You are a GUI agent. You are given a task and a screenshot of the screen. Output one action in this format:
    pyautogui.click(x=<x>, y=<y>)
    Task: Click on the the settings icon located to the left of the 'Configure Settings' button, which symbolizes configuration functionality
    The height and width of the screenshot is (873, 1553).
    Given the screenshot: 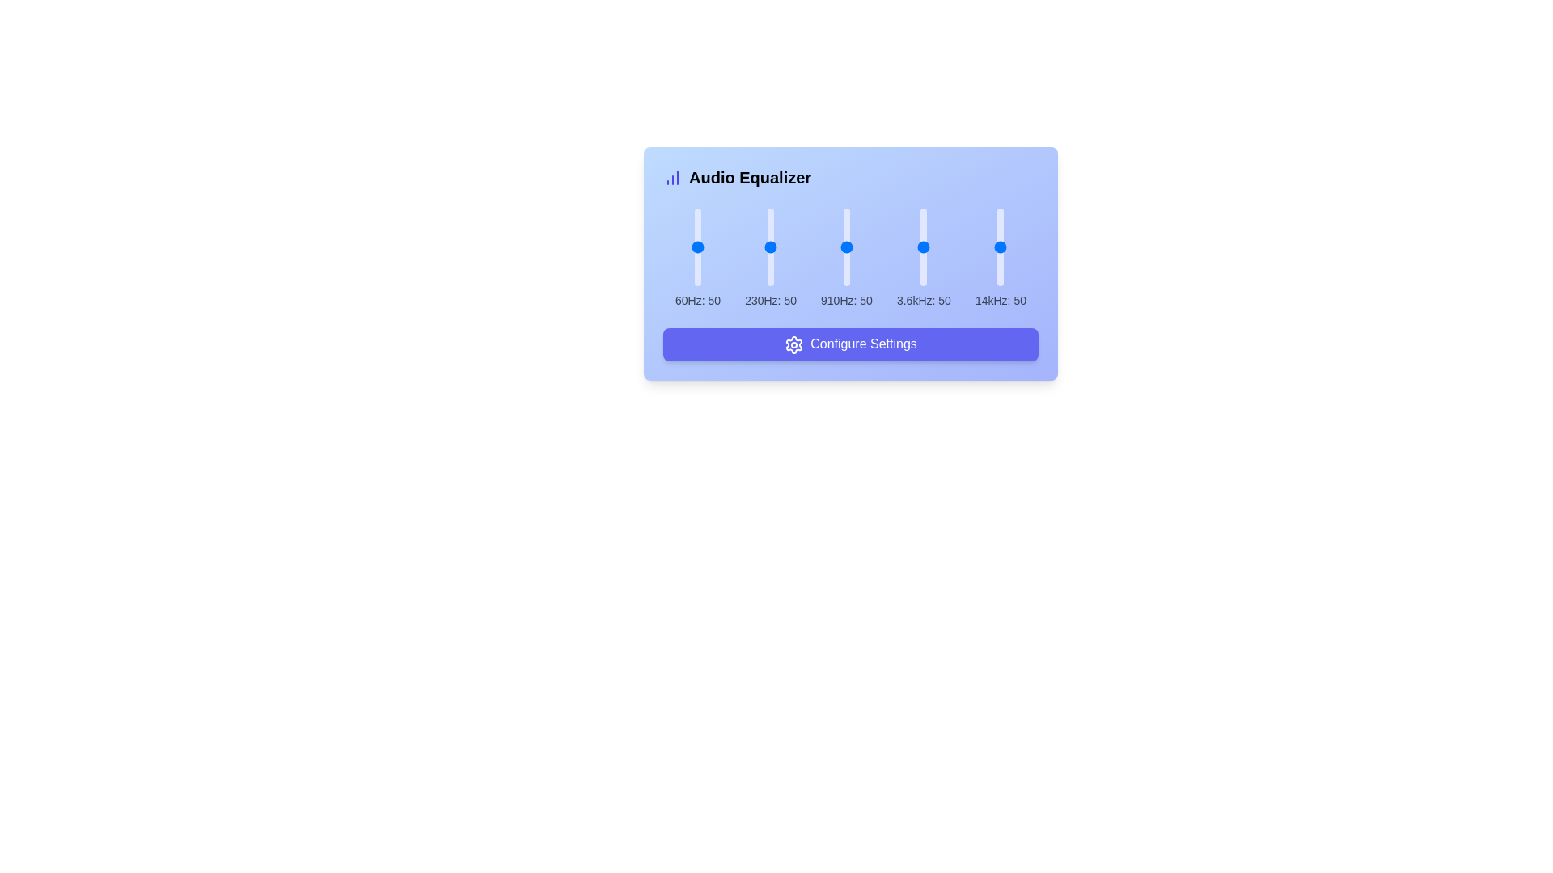 What is the action you would take?
    pyautogui.click(x=794, y=344)
    